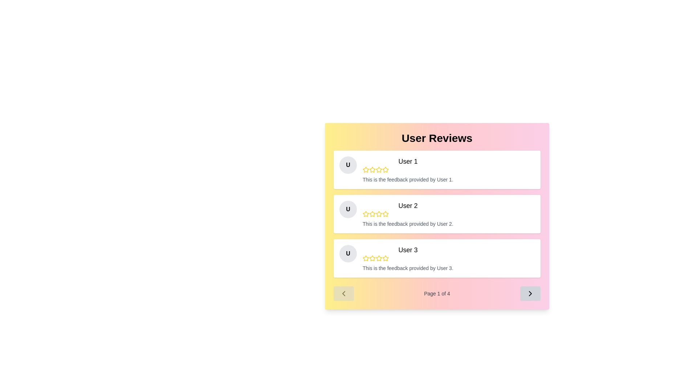 This screenshot has width=697, height=392. What do you see at coordinates (343, 293) in the screenshot?
I see `the backward navigation icon located within the gray button at the lower-left corner of the user review section to go to the previous page` at bounding box center [343, 293].